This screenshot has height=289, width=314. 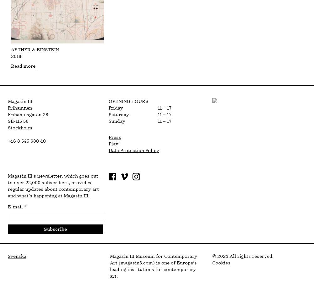 I want to click on 'Frihamnsgatan 28', so click(x=28, y=115).